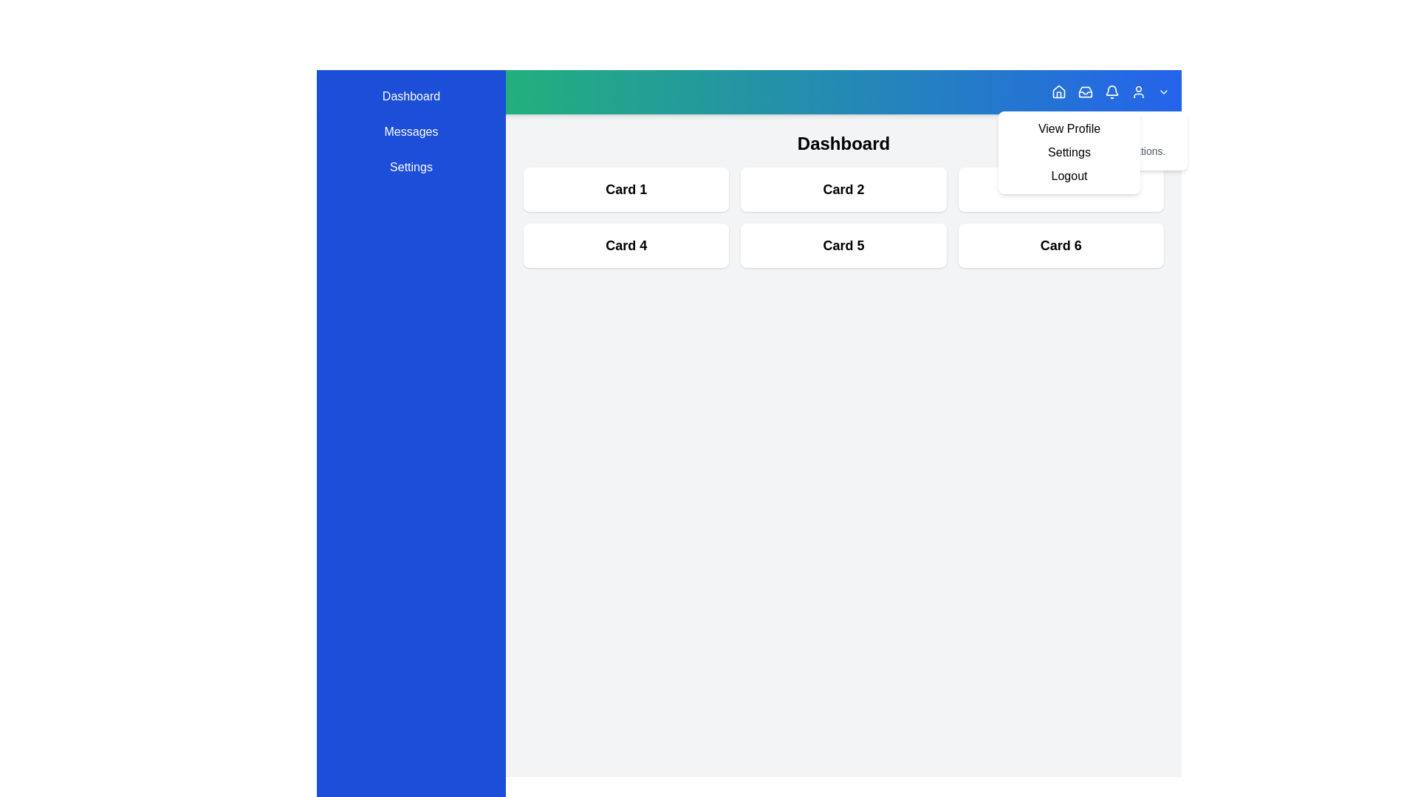 The width and height of the screenshot is (1418, 797). What do you see at coordinates (400, 92) in the screenshot?
I see `the 'Interactive System' header element with the accompanying menu icon located at the left side of the top navigation bar` at bounding box center [400, 92].